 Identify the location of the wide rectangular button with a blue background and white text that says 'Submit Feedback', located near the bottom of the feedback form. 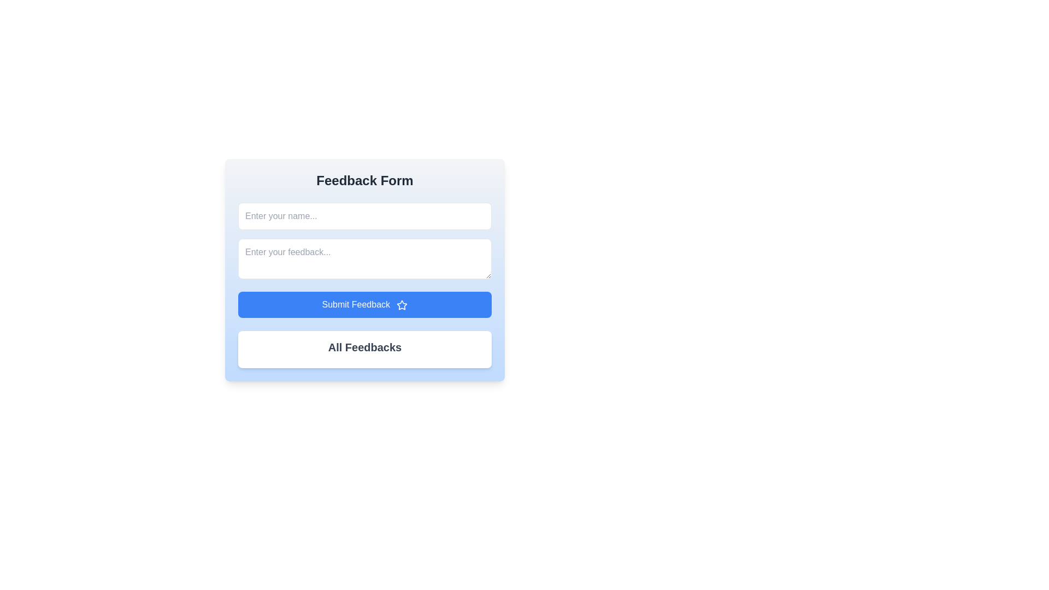
(364, 305).